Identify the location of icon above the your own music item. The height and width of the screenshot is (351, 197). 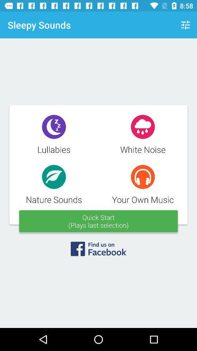
(185, 25).